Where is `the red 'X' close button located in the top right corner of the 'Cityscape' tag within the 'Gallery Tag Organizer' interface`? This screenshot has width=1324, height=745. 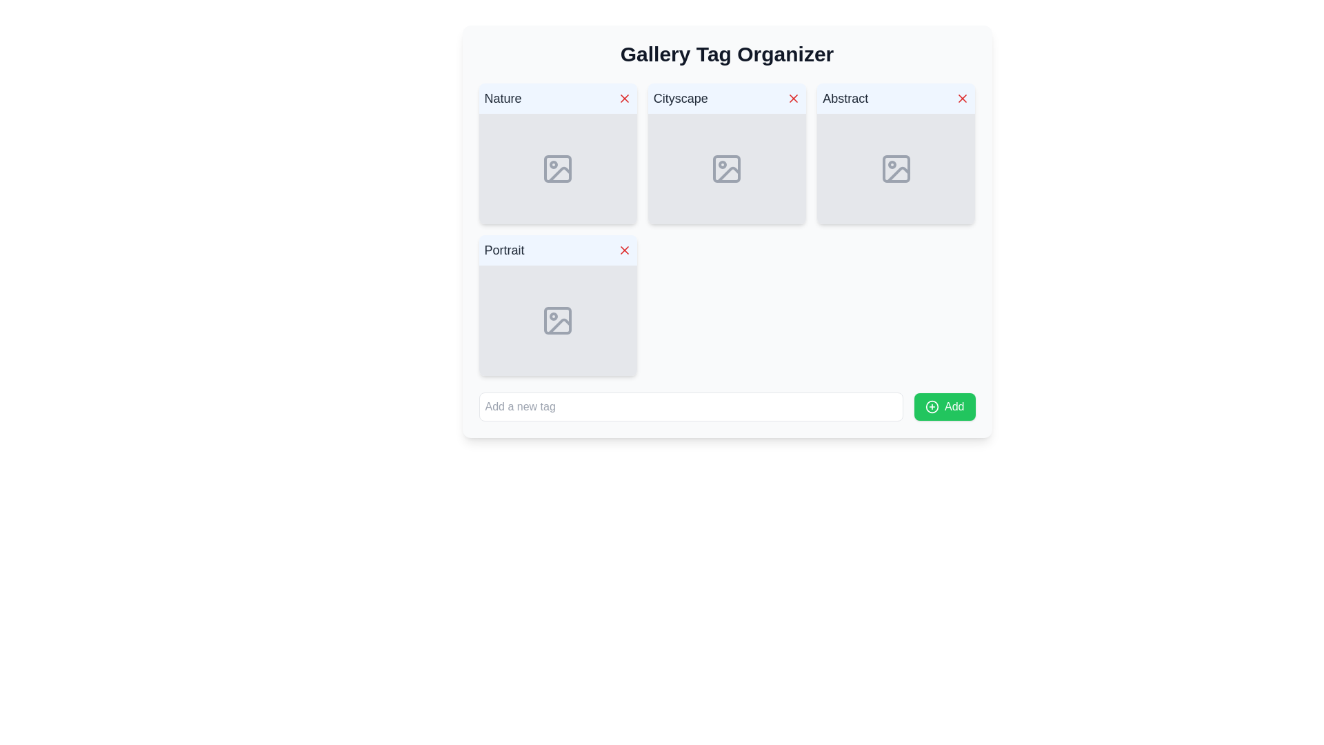
the red 'X' close button located in the top right corner of the 'Cityscape' tag within the 'Gallery Tag Organizer' interface is located at coordinates (794, 97).